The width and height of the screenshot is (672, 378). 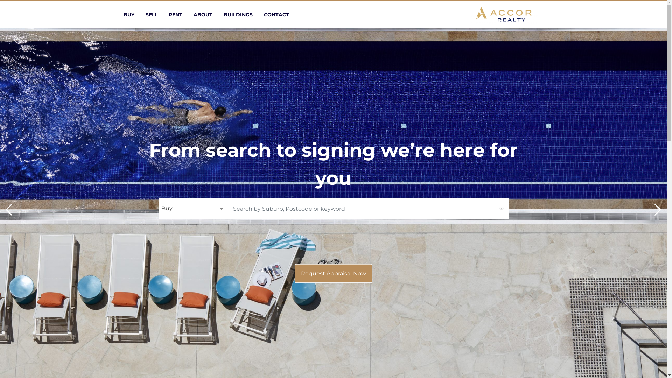 I want to click on 'SELL', so click(x=151, y=15).